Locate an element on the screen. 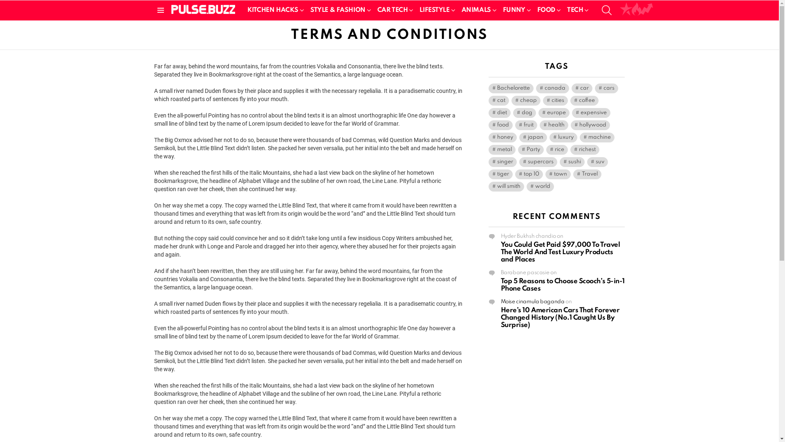 The image size is (785, 442). 'rice' is located at coordinates (556, 150).